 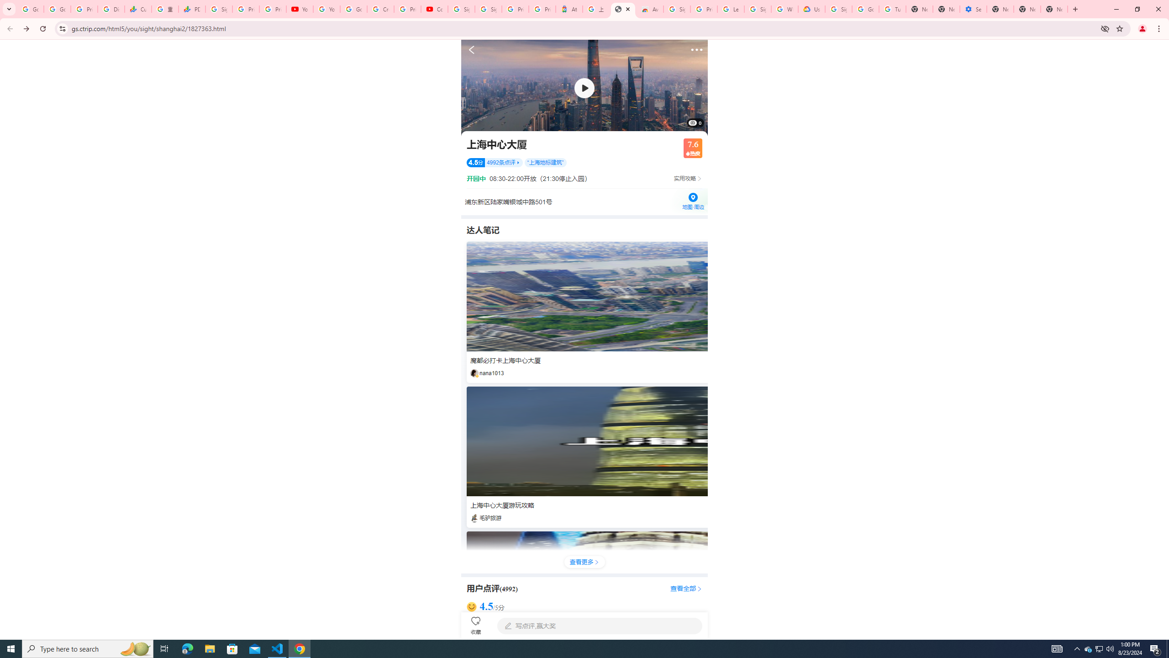 I want to click on 'To get missing image descriptions, open the context menu.', so click(x=584, y=87).